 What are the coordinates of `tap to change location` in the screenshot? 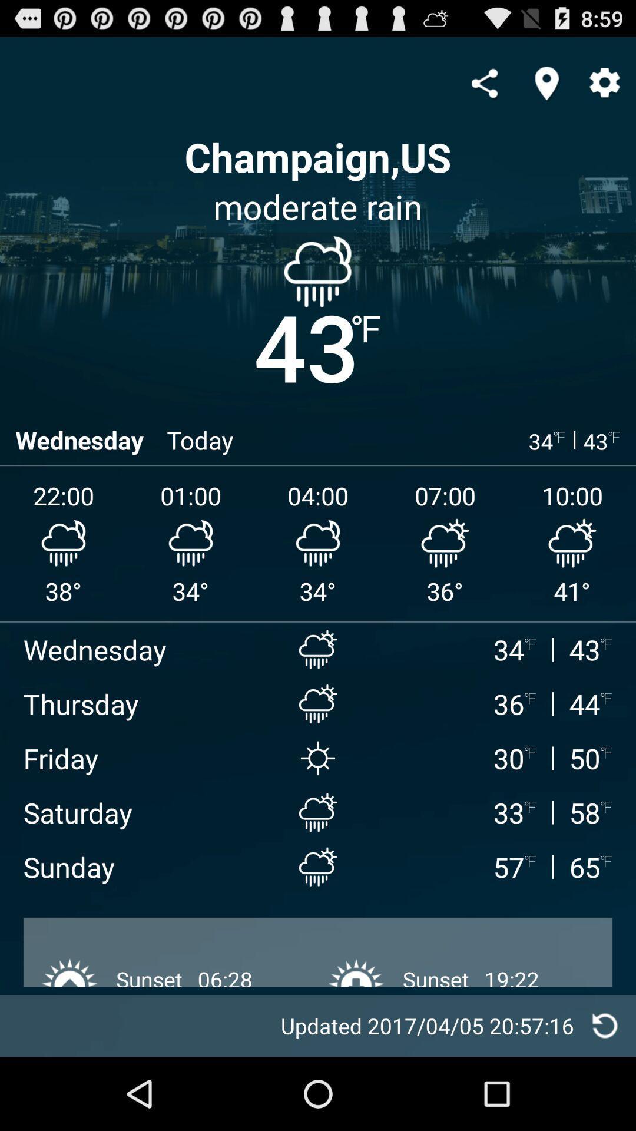 It's located at (546, 82).